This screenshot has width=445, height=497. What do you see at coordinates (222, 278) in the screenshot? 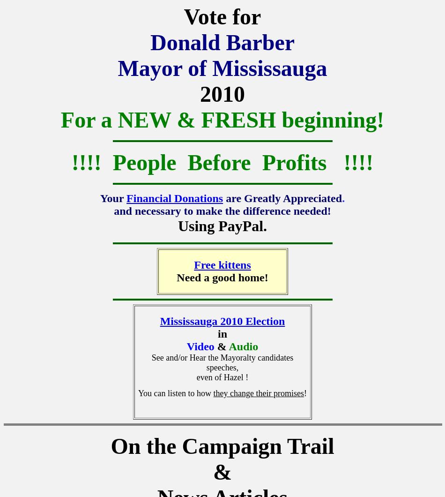
I see `'Need a good home!'` at bounding box center [222, 278].